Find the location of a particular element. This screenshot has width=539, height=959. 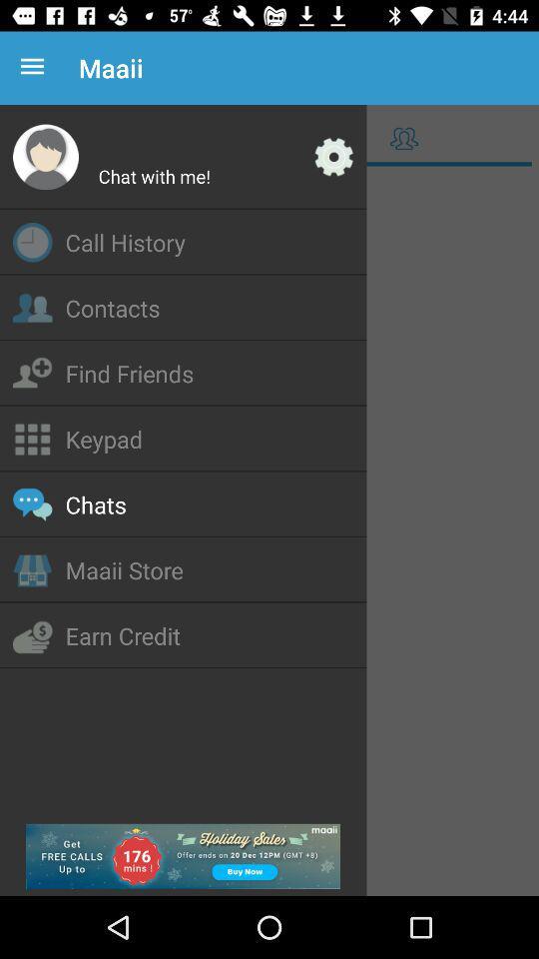

open settings section is located at coordinates (333, 156).